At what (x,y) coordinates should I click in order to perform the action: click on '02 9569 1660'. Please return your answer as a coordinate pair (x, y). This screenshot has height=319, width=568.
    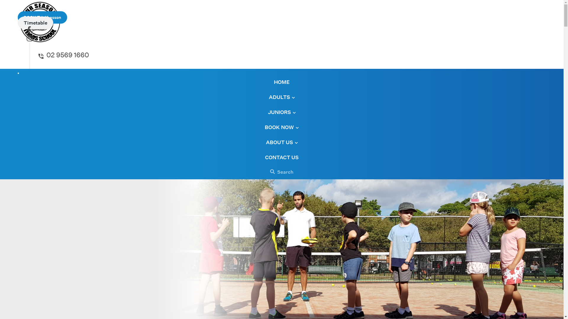
    Looking at the image, I should click on (64, 55).